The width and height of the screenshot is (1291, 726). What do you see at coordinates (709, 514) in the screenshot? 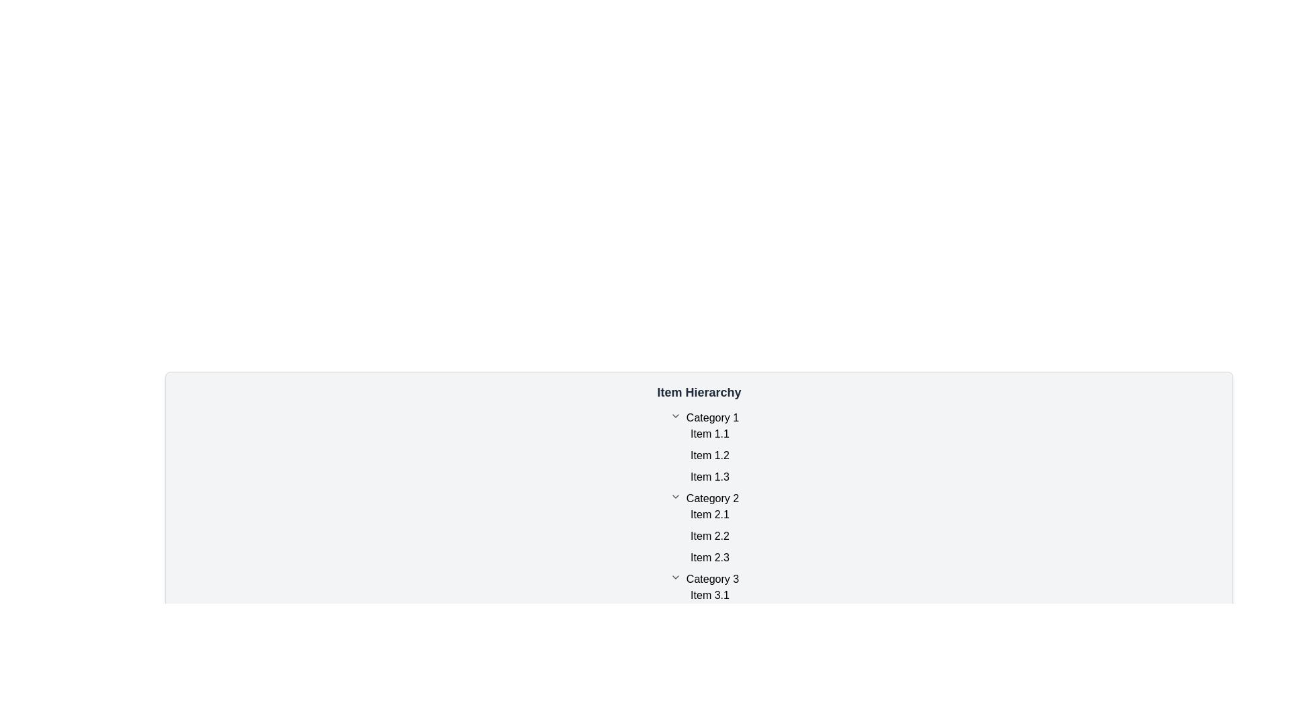
I see `text 'Item 2.1' which is the first item under the 'Category 2' section in the hierarchical list` at bounding box center [709, 514].